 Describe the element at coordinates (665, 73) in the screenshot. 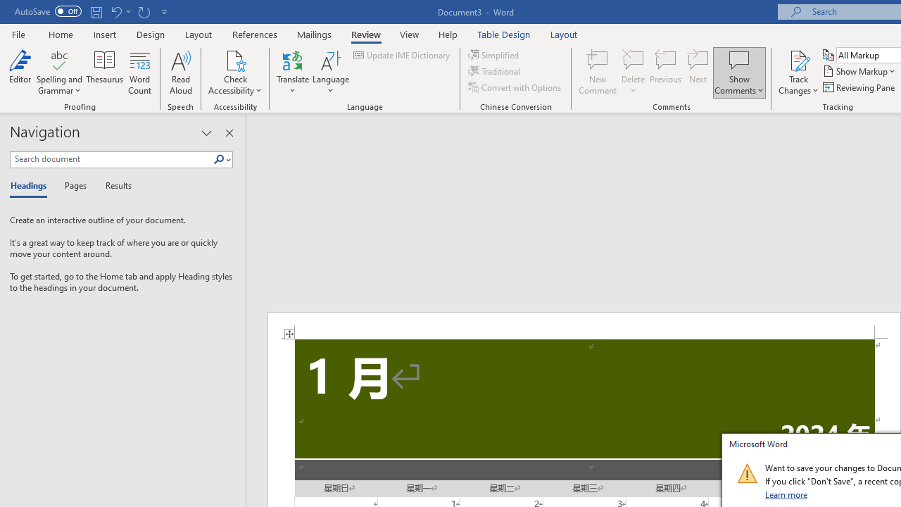

I see `'Previous'` at that location.